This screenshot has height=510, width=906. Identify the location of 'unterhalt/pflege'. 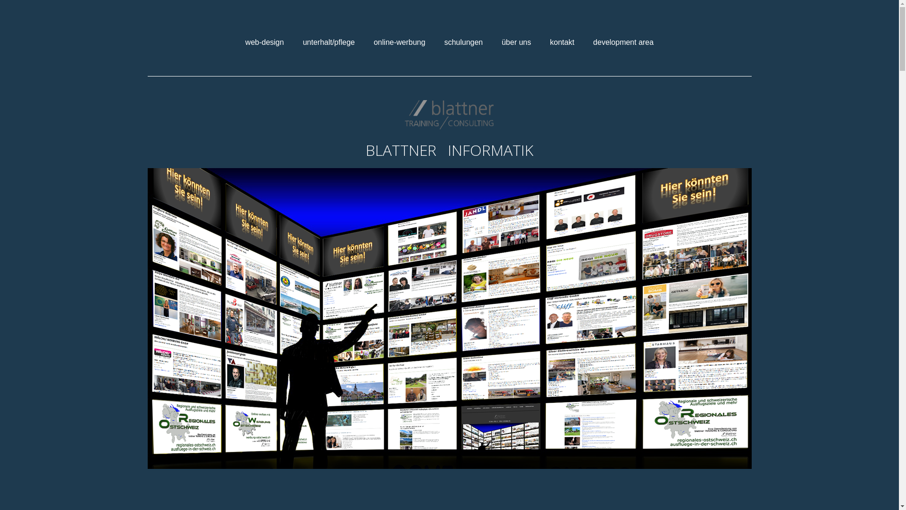
(295, 42).